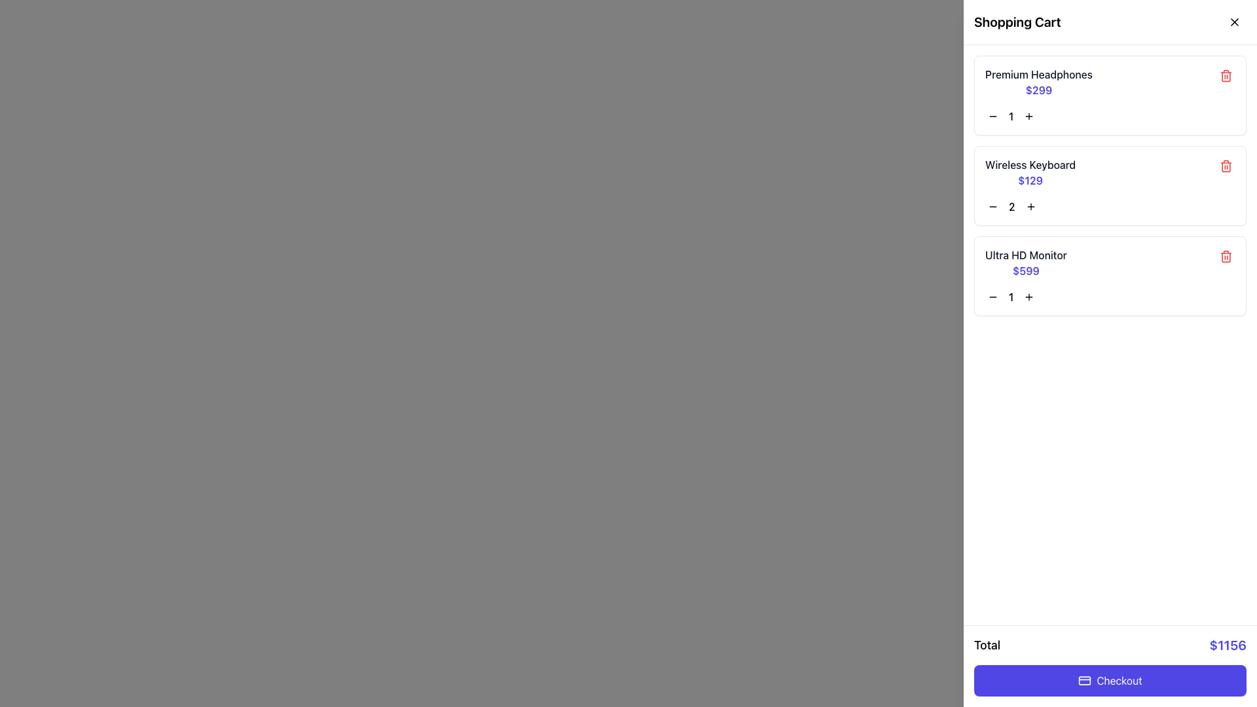 Image resolution: width=1257 pixels, height=707 pixels. What do you see at coordinates (1030, 172) in the screenshot?
I see `the static information display element that shows 'Wireless Keyboard' and its price '$129' in the shopping cart overlay` at bounding box center [1030, 172].